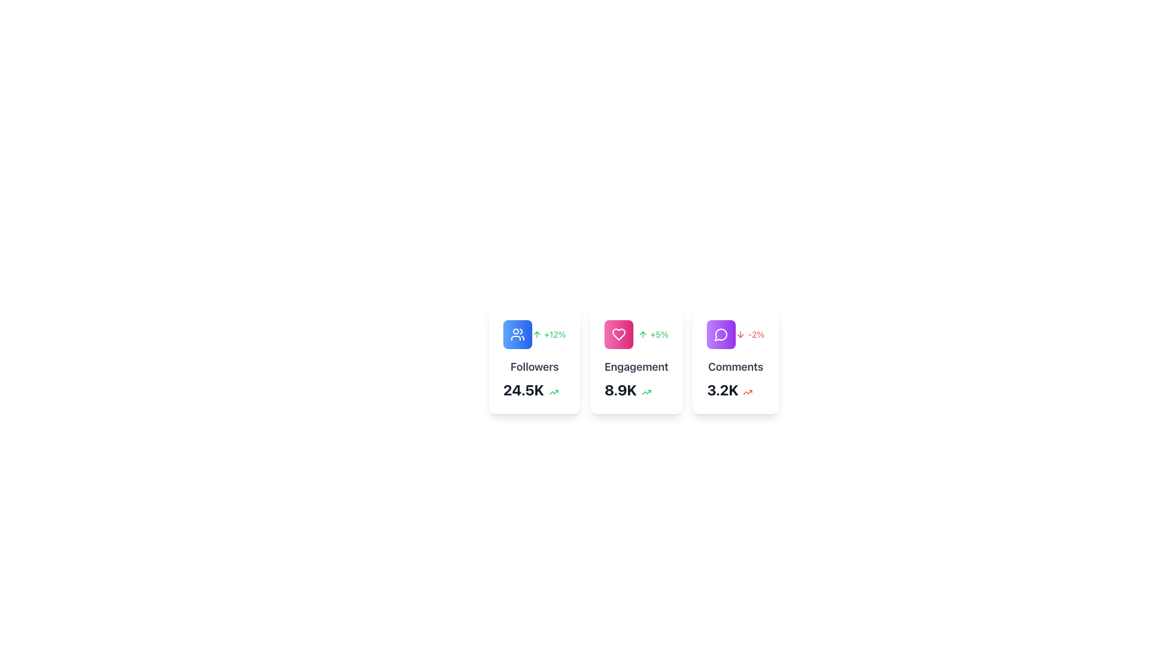  What do you see at coordinates (653, 334) in the screenshot?
I see `the Text with icon indicator displaying a 5% increase in engagement located in the Engagement panel, positioned above the primary figure '8.9K'` at bounding box center [653, 334].